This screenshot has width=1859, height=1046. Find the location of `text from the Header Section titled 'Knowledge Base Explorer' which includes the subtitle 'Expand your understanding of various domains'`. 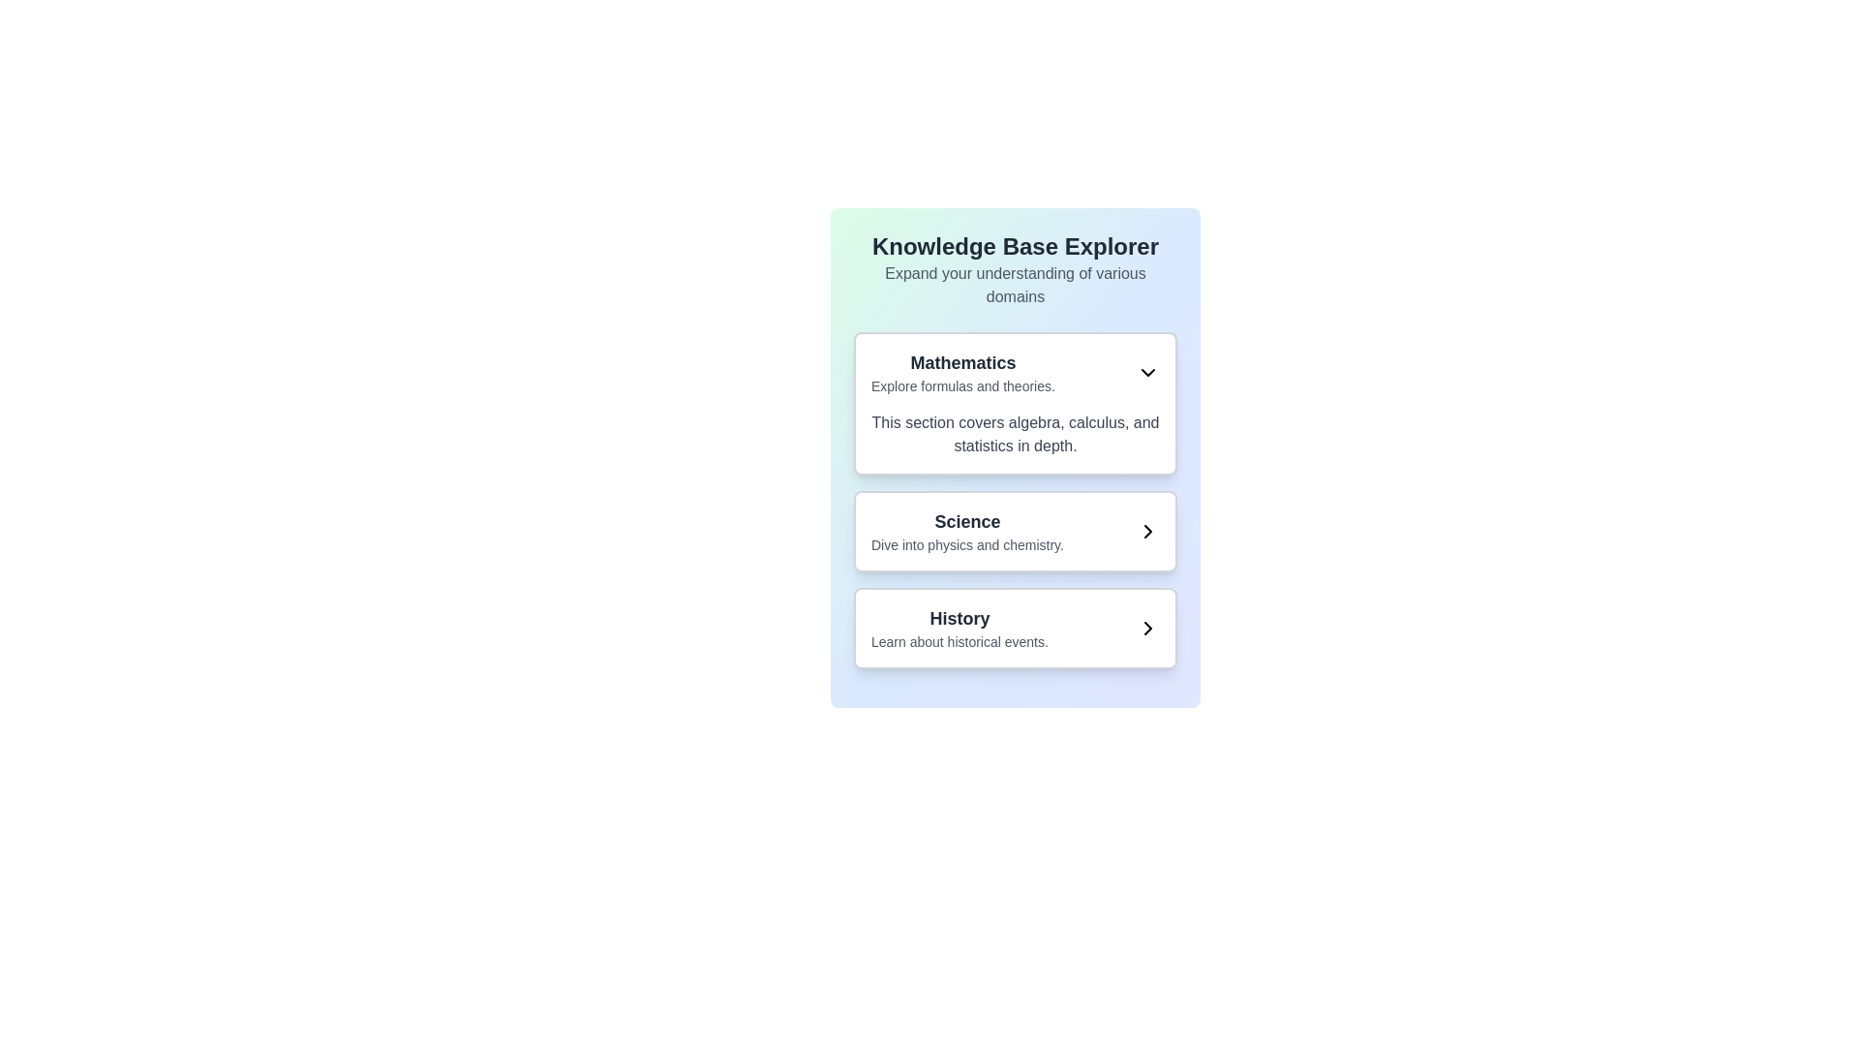

text from the Header Section titled 'Knowledge Base Explorer' which includes the subtitle 'Expand your understanding of various domains' is located at coordinates (1015, 269).